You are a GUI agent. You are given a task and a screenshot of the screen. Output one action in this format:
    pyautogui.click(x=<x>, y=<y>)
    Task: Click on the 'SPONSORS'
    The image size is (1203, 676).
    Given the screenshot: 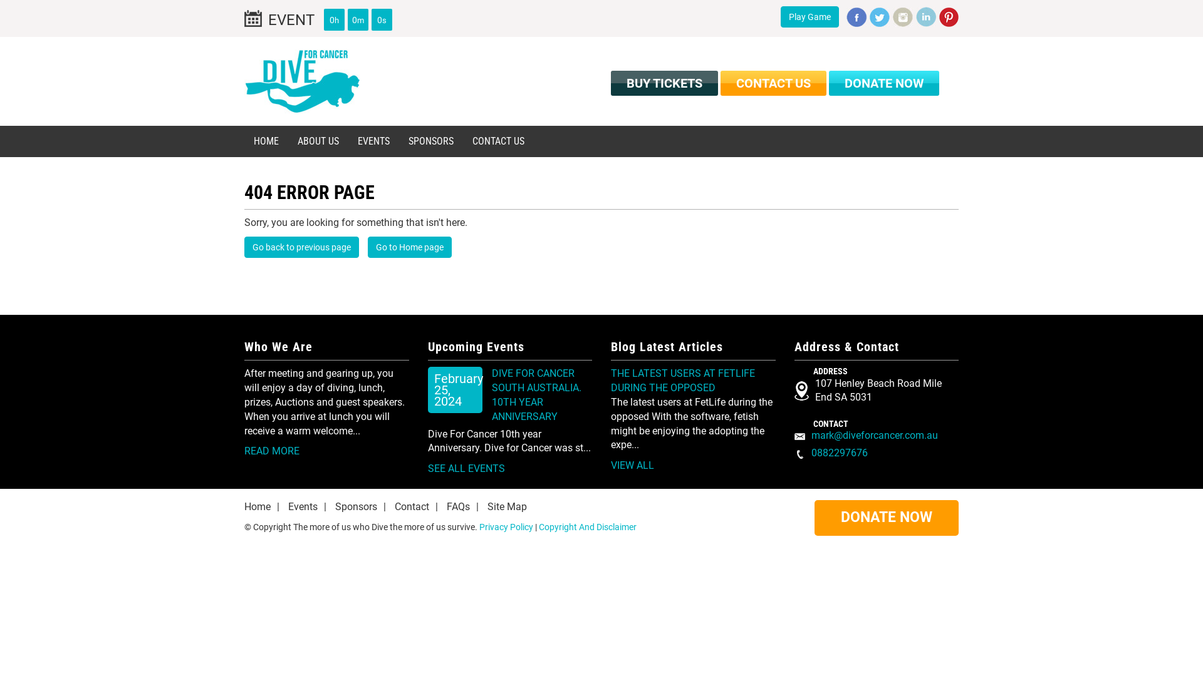 What is the action you would take?
    pyautogui.click(x=430, y=141)
    